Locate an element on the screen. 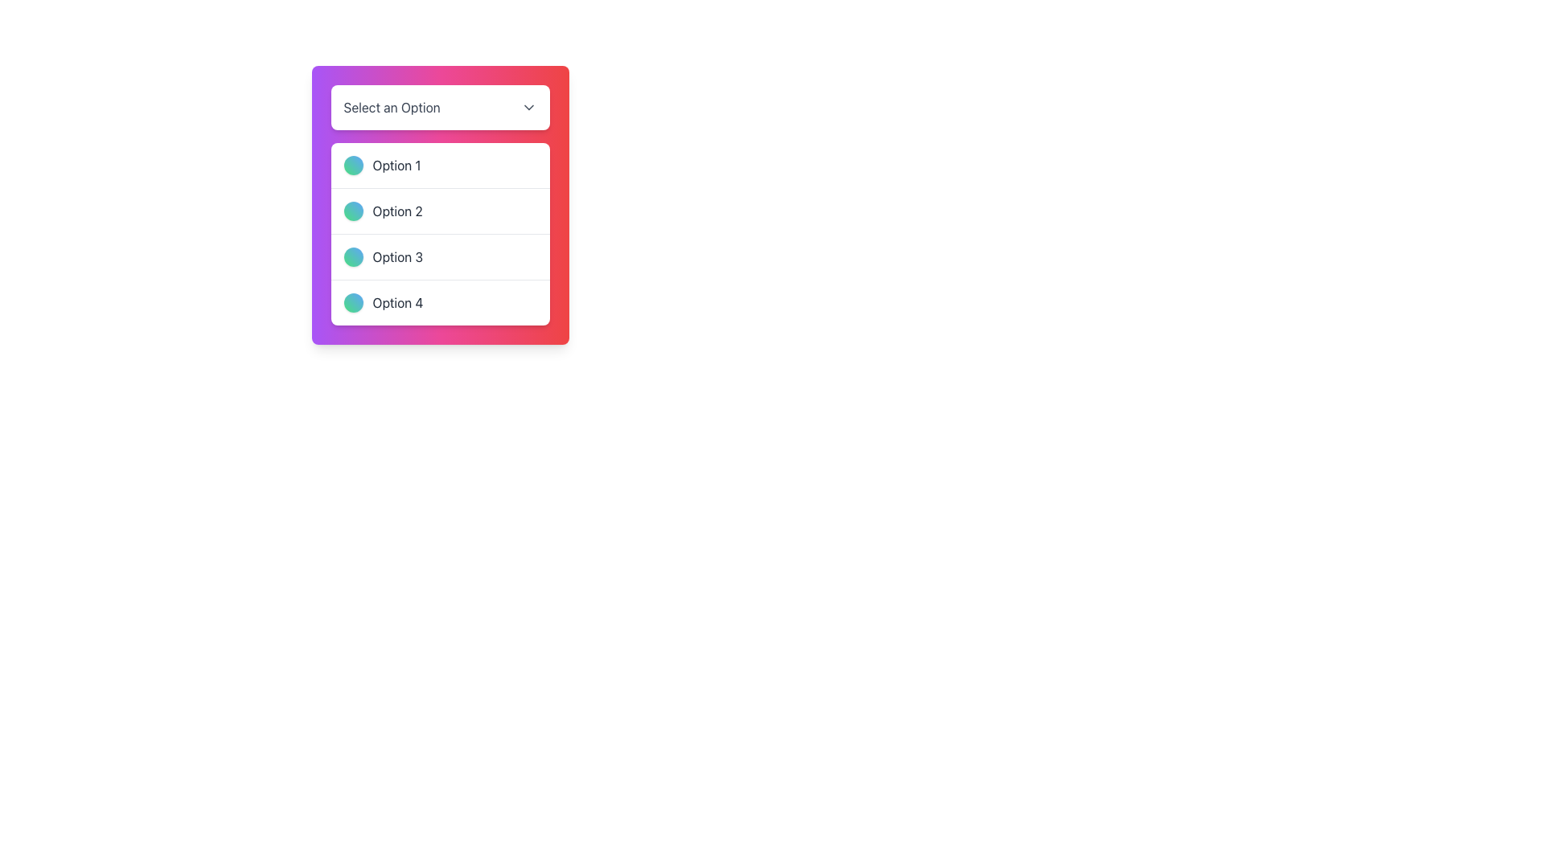  the selectable list item for 'Option 3' in the dropdown menu to activate hover effects is located at coordinates (440, 256).